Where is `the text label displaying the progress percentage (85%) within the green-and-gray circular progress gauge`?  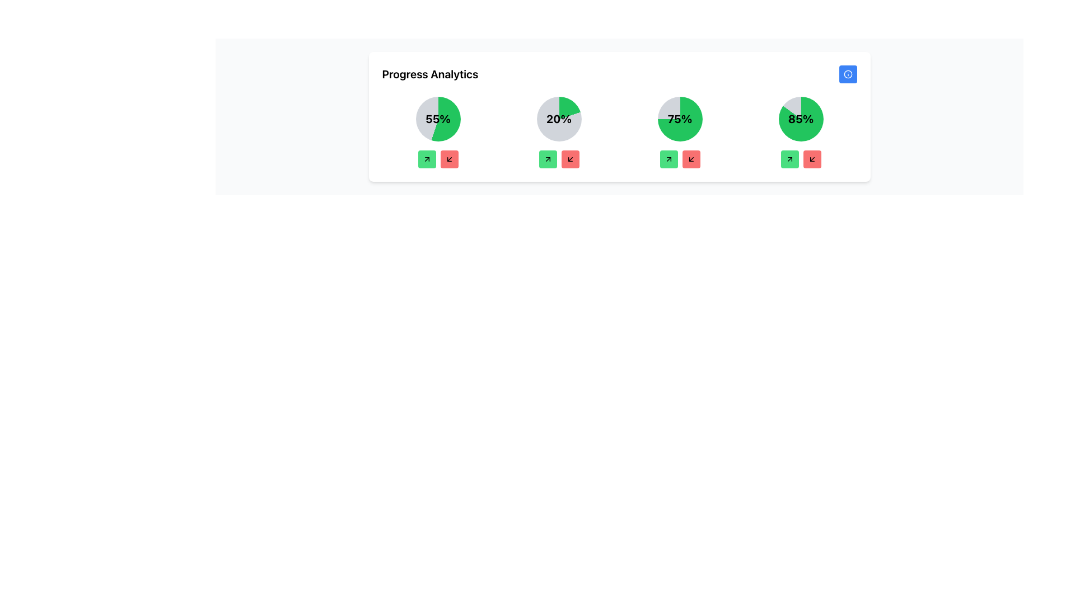
the text label displaying the progress percentage (85%) within the green-and-gray circular progress gauge is located at coordinates (800, 119).